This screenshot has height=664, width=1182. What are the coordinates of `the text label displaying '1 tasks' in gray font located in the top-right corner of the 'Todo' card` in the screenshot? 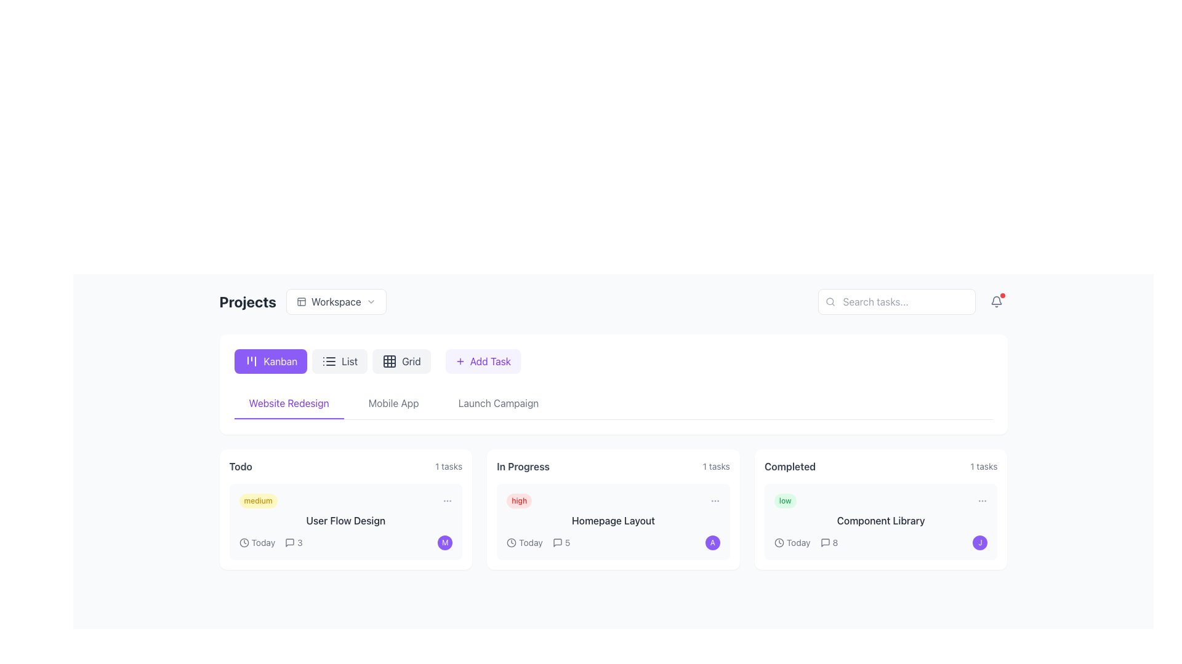 It's located at (448, 467).